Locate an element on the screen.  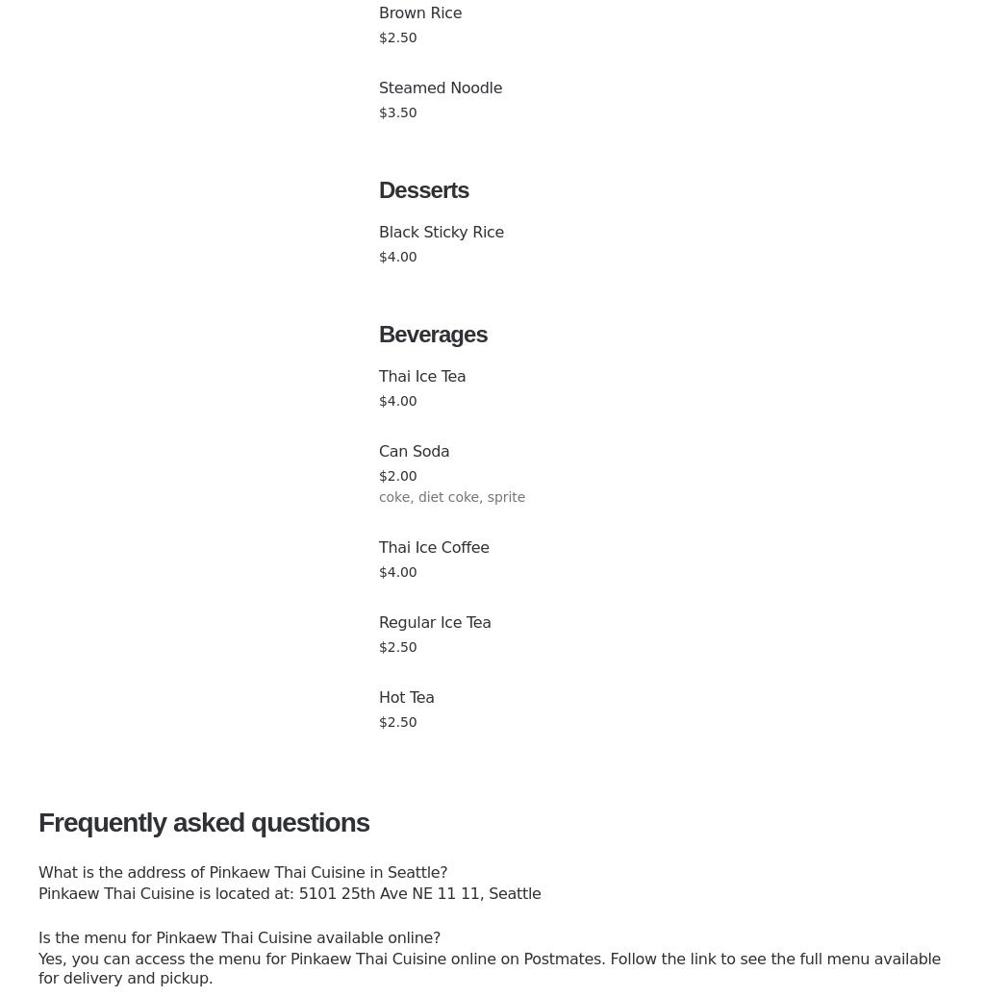
'Thai Ice Tea' is located at coordinates (378, 375).